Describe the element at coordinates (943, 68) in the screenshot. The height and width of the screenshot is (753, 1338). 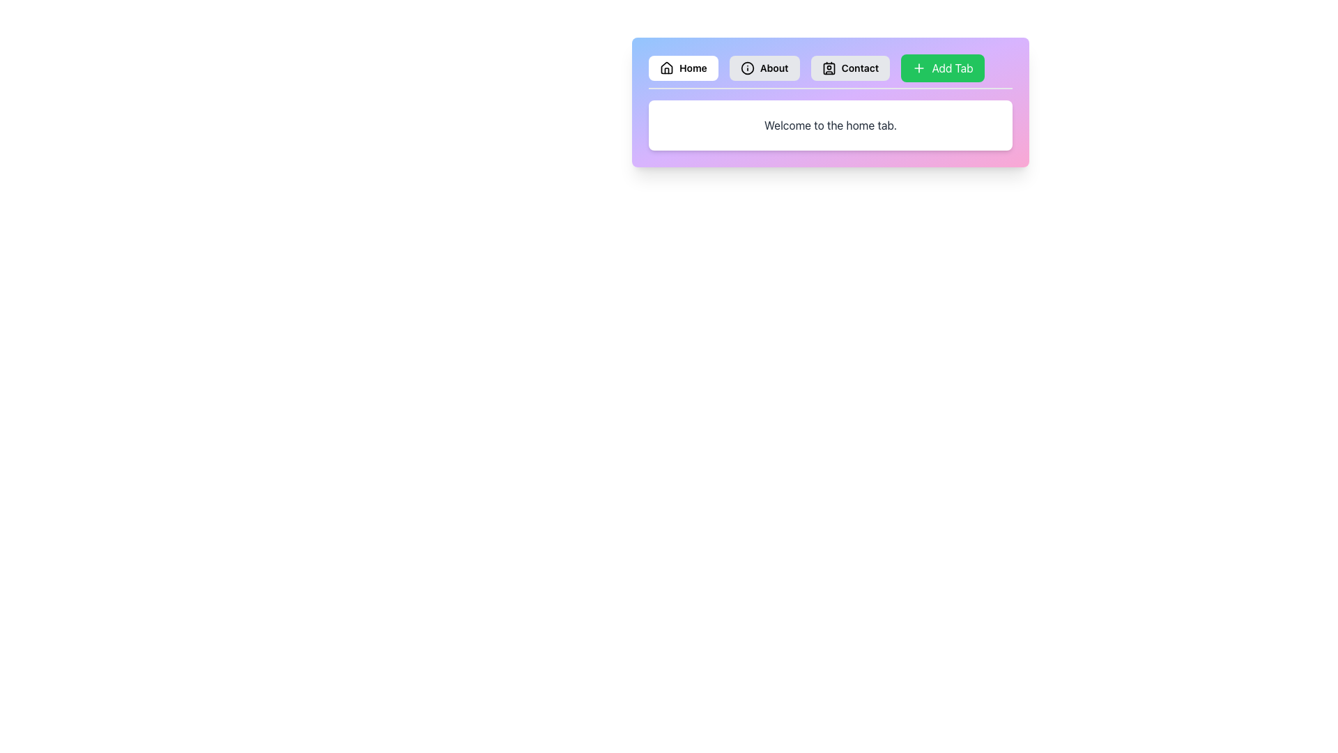
I see `the 'Add New Tab' button located at the far right of the horizontal menu structure` at that location.